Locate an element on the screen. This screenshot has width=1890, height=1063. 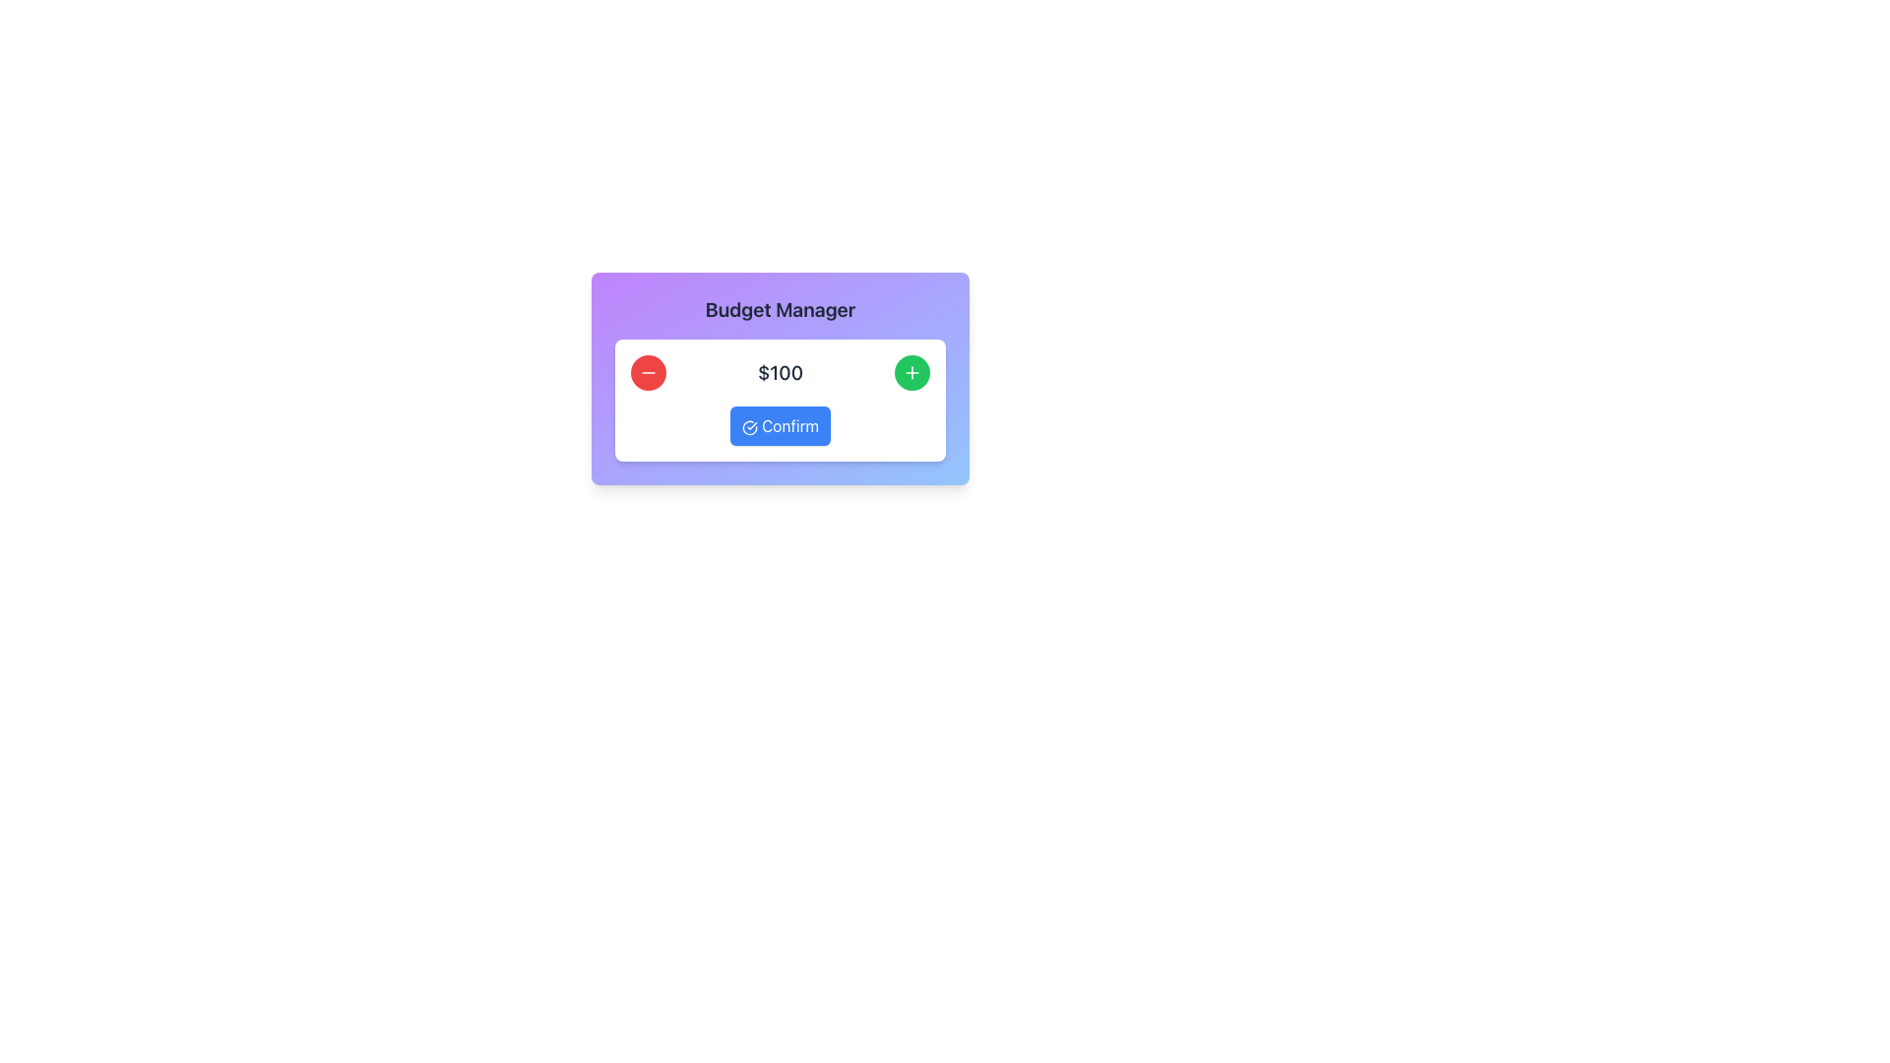
the text display that shows the amount '$100', which is centrally positioned between the decrease and increase buttons is located at coordinates (779, 372).